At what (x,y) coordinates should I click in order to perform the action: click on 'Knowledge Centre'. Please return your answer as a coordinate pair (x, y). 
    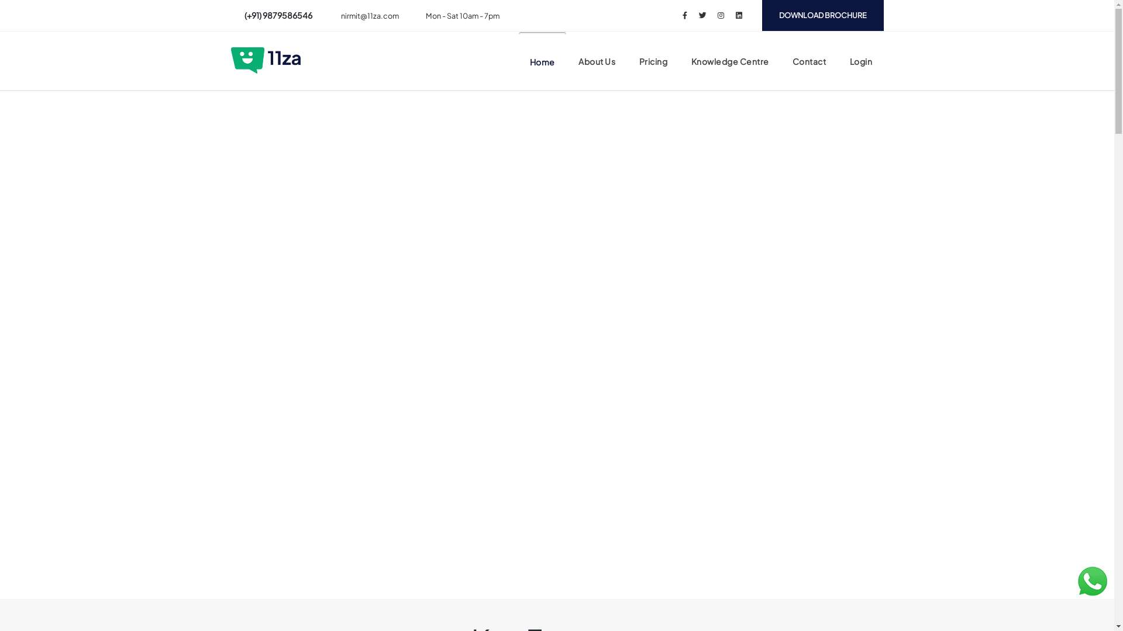
    Looking at the image, I should click on (679, 61).